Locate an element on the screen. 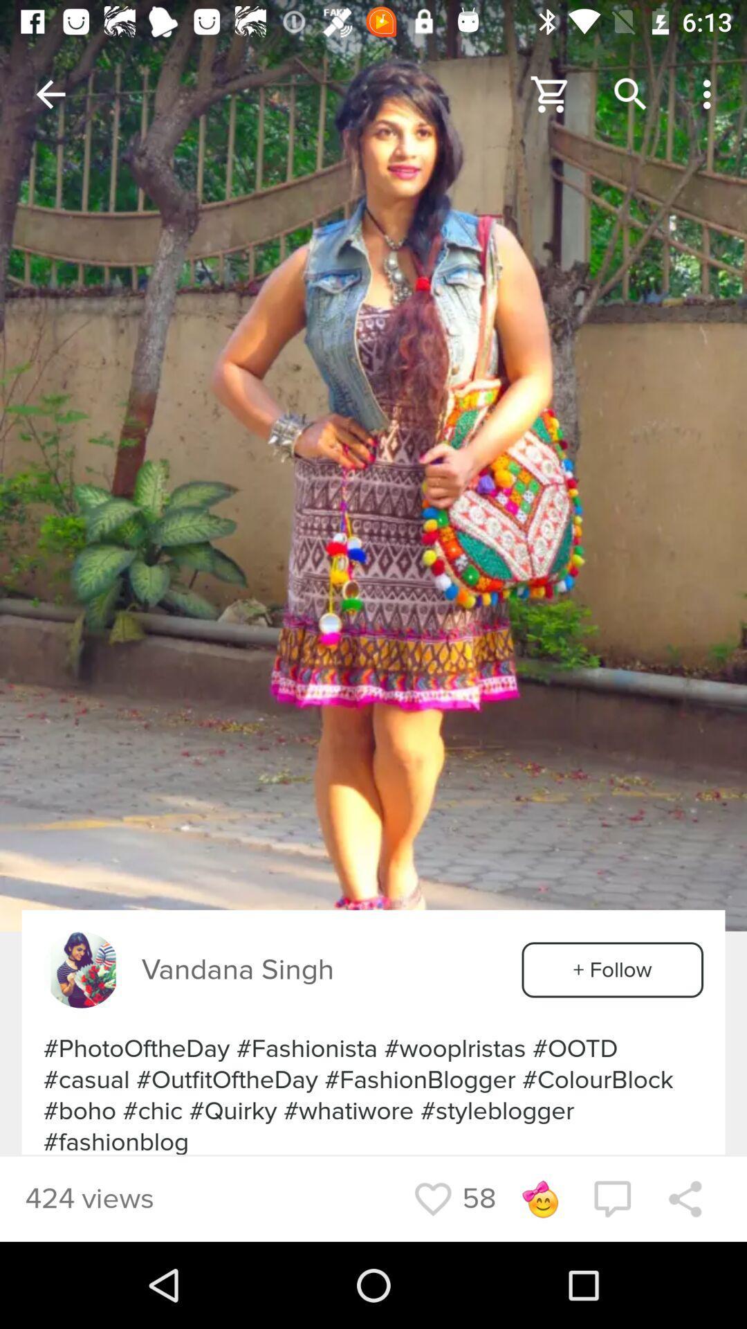 The height and width of the screenshot is (1329, 747). to cart is located at coordinates (550, 93).